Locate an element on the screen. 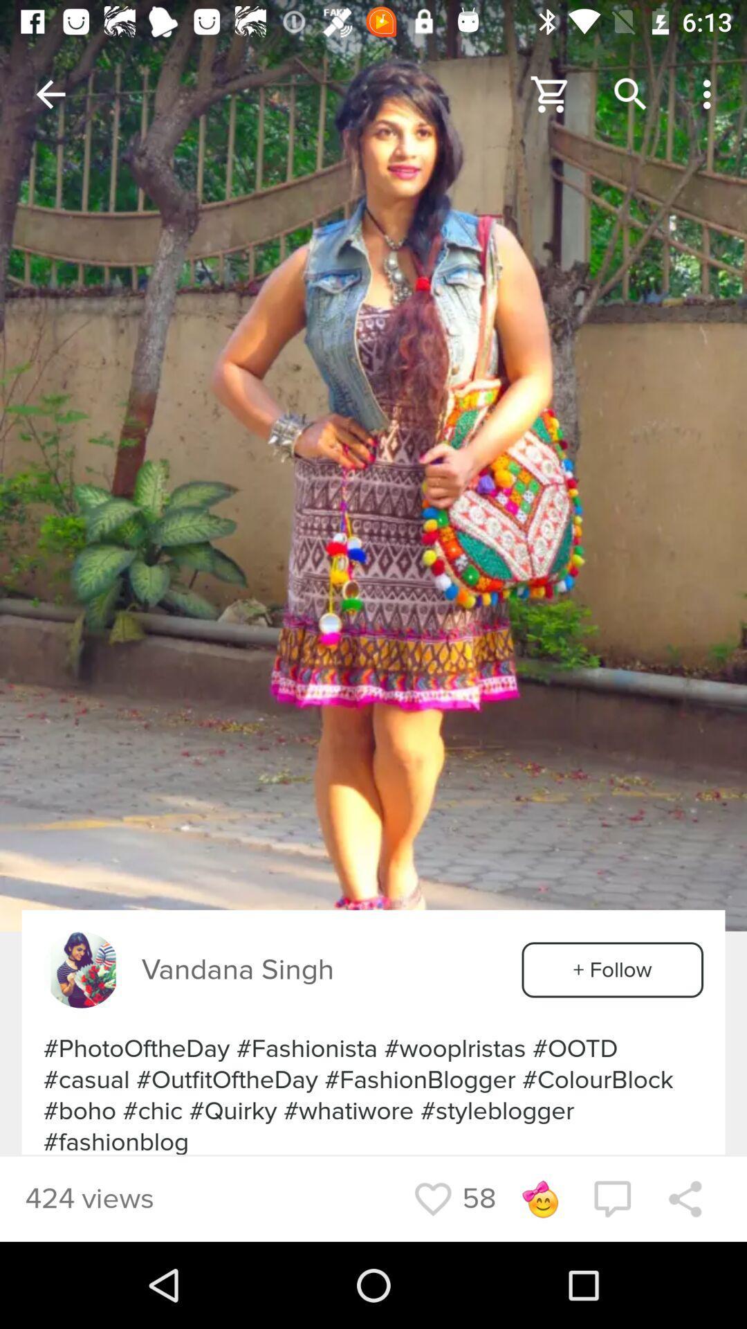 The height and width of the screenshot is (1329, 747). to cart is located at coordinates (550, 93).